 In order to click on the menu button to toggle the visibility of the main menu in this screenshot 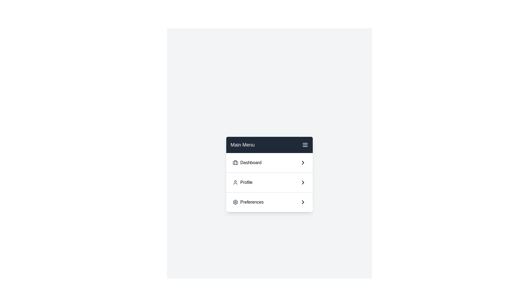, I will do `click(305, 145)`.